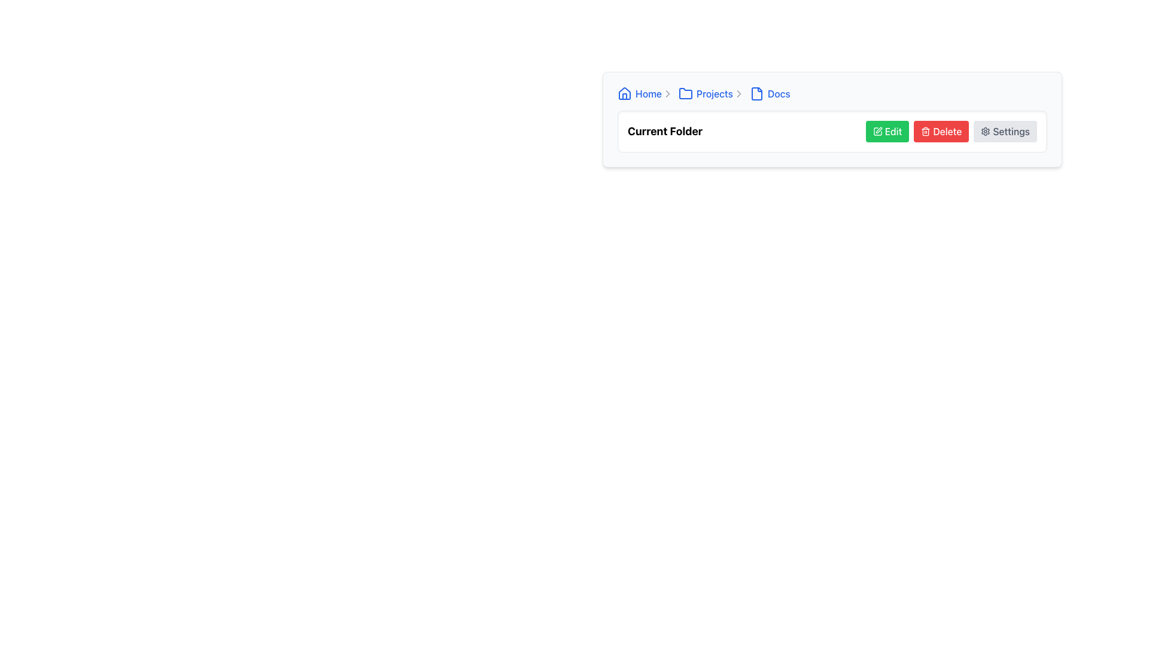 The height and width of the screenshot is (646, 1149). I want to click on the chevron-shaped arrow icon in the breadcrumb navigation bar, which is located between 'Projects' and 'Docs', so click(667, 93).